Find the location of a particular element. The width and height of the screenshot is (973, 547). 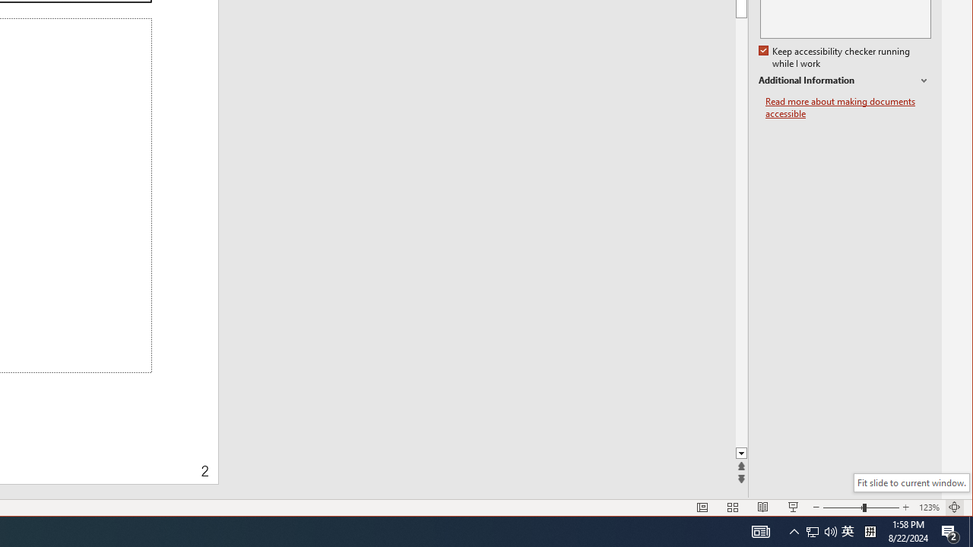

'Additional Information' is located at coordinates (844, 81).